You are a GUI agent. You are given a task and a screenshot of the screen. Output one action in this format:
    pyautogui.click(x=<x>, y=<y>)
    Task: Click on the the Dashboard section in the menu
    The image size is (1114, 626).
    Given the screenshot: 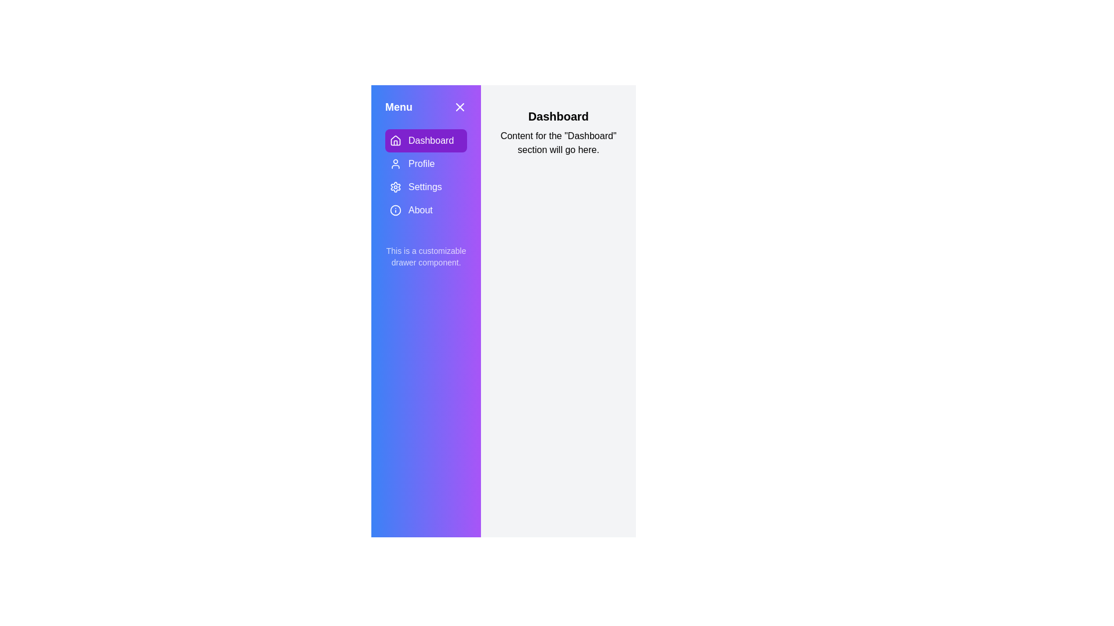 What is the action you would take?
    pyautogui.click(x=425, y=140)
    